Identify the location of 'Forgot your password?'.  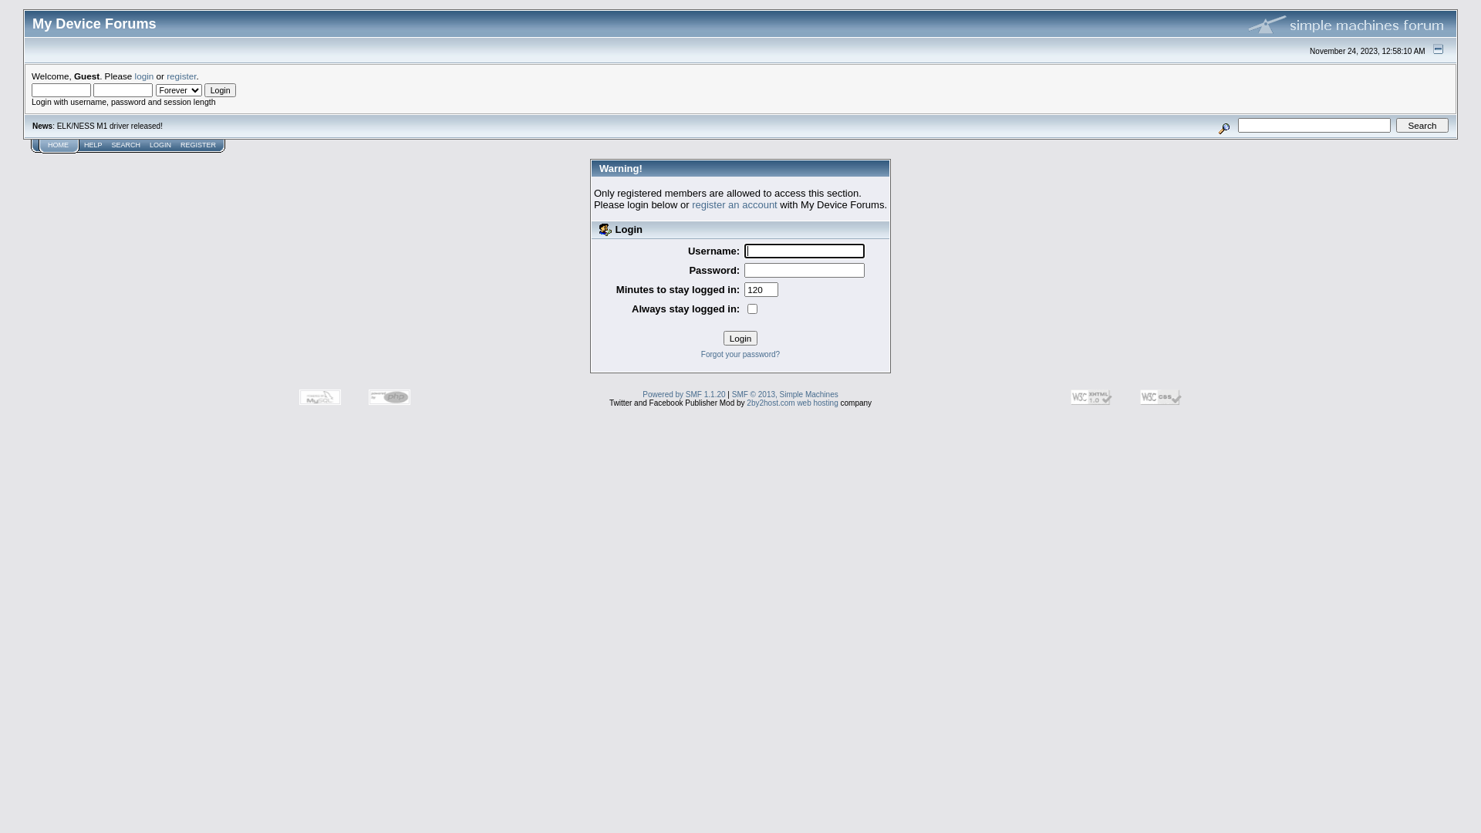
(740, 354).